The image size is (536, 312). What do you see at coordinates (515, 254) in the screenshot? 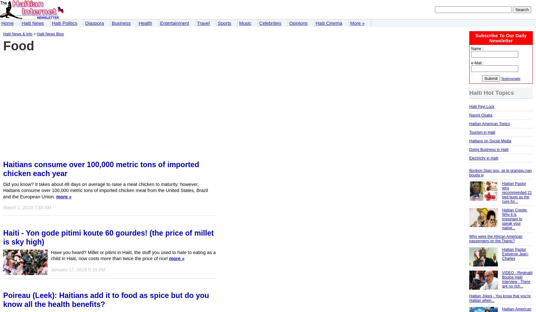
I see `'Haitian Pastor Estiverne Jean-Charles'` at bounding box center [515, 254].